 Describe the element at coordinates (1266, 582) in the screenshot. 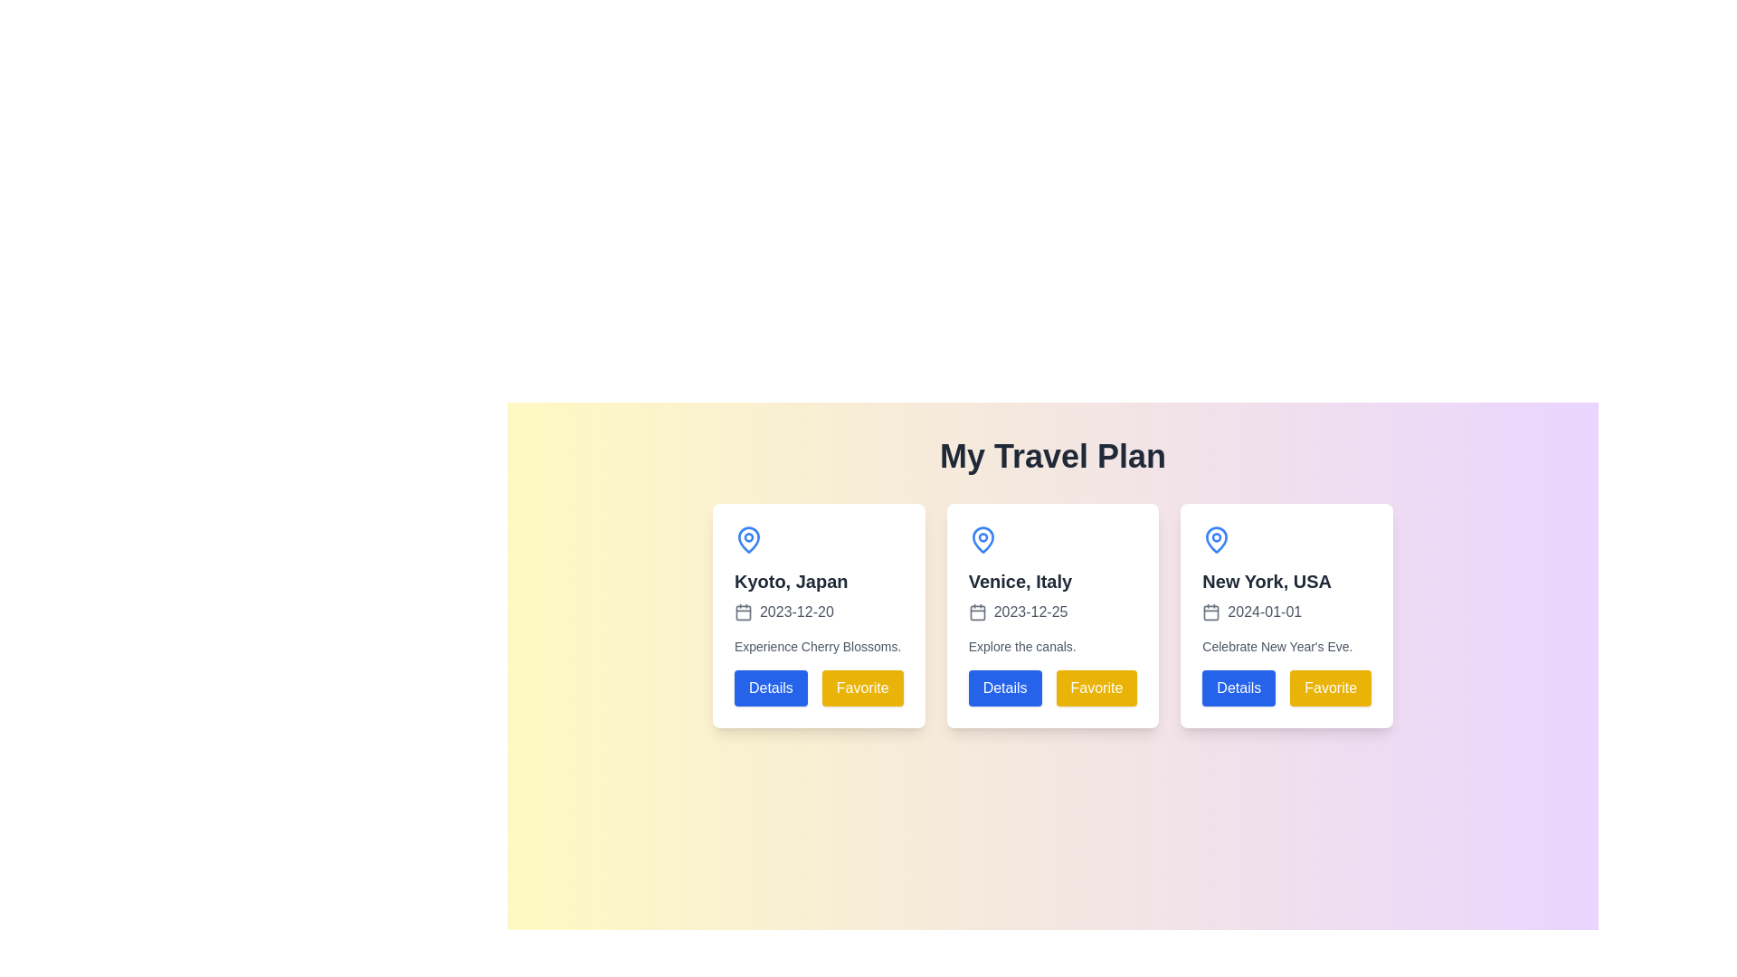

I see `the static text element displaying 'New York, USA' in the third card of the card layout` at that location.